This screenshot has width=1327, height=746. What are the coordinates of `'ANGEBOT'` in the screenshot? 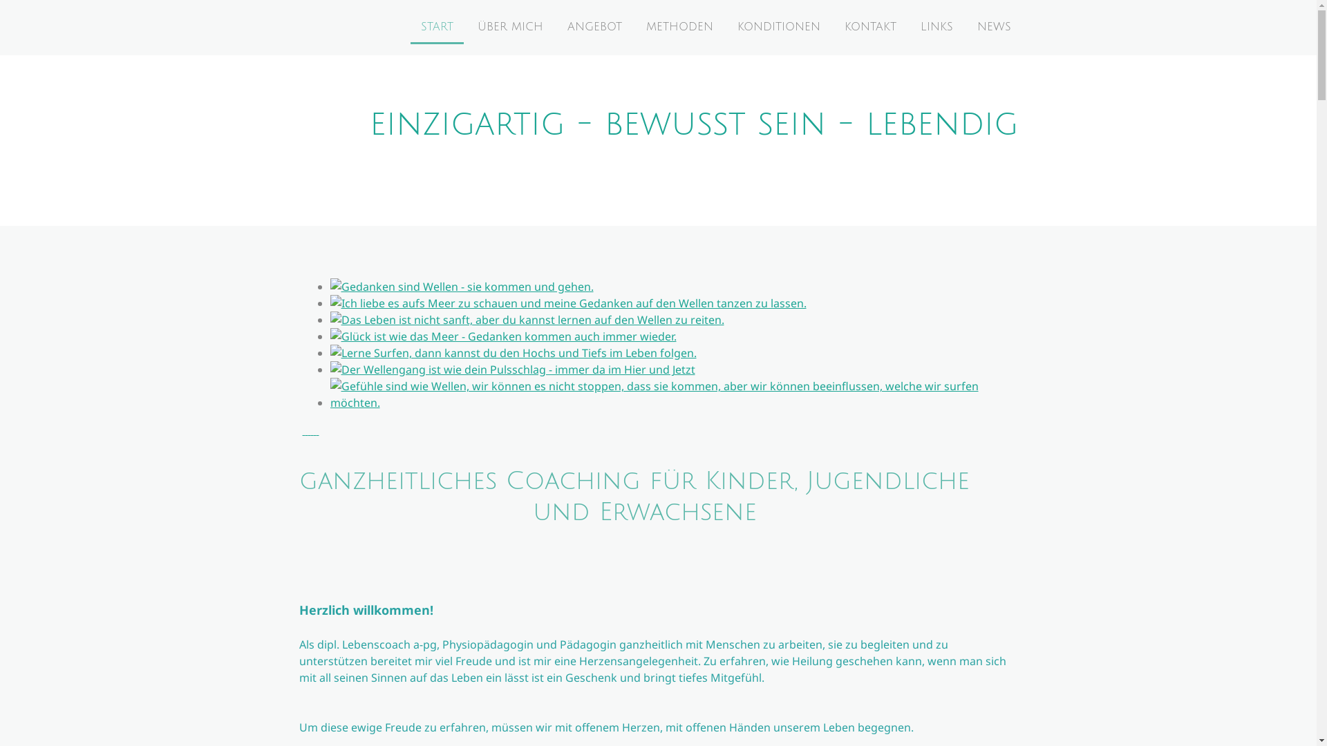 It's located at (594, 27).